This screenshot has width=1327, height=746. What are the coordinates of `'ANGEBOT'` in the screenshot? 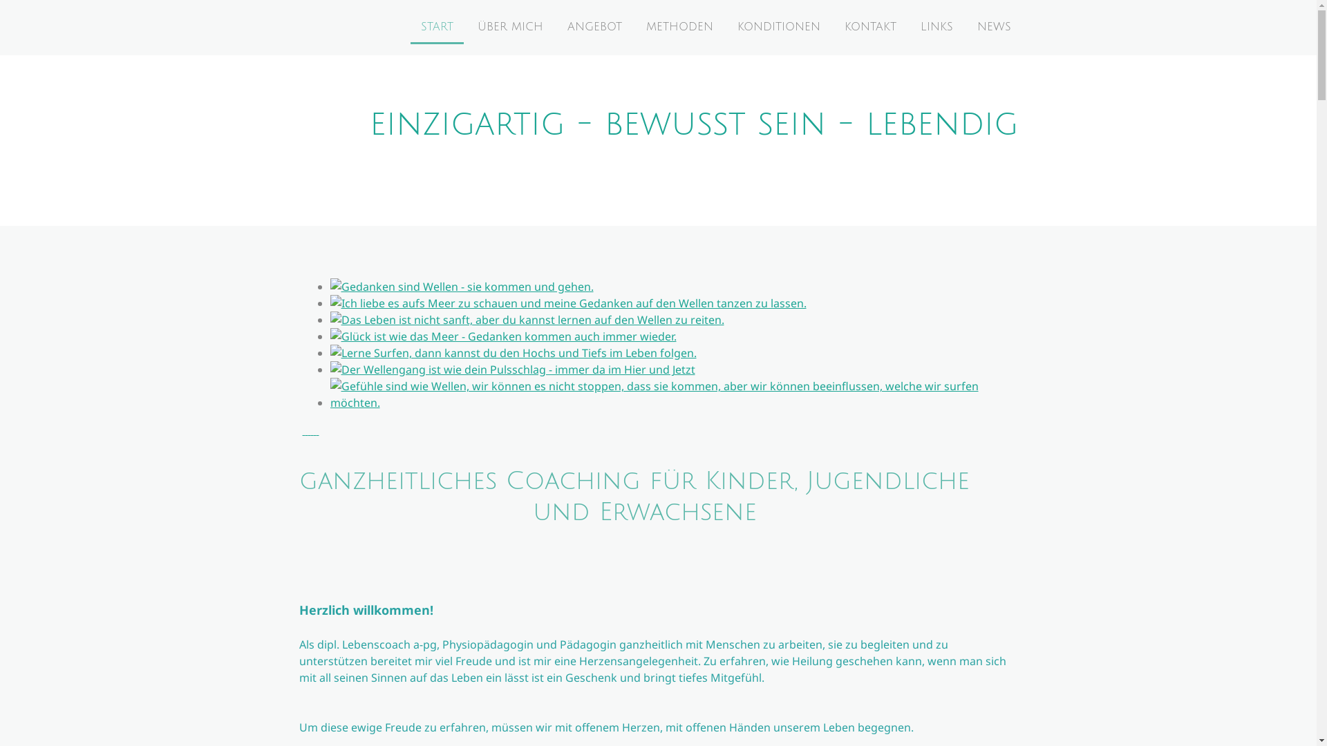 It's located at (594, 27).